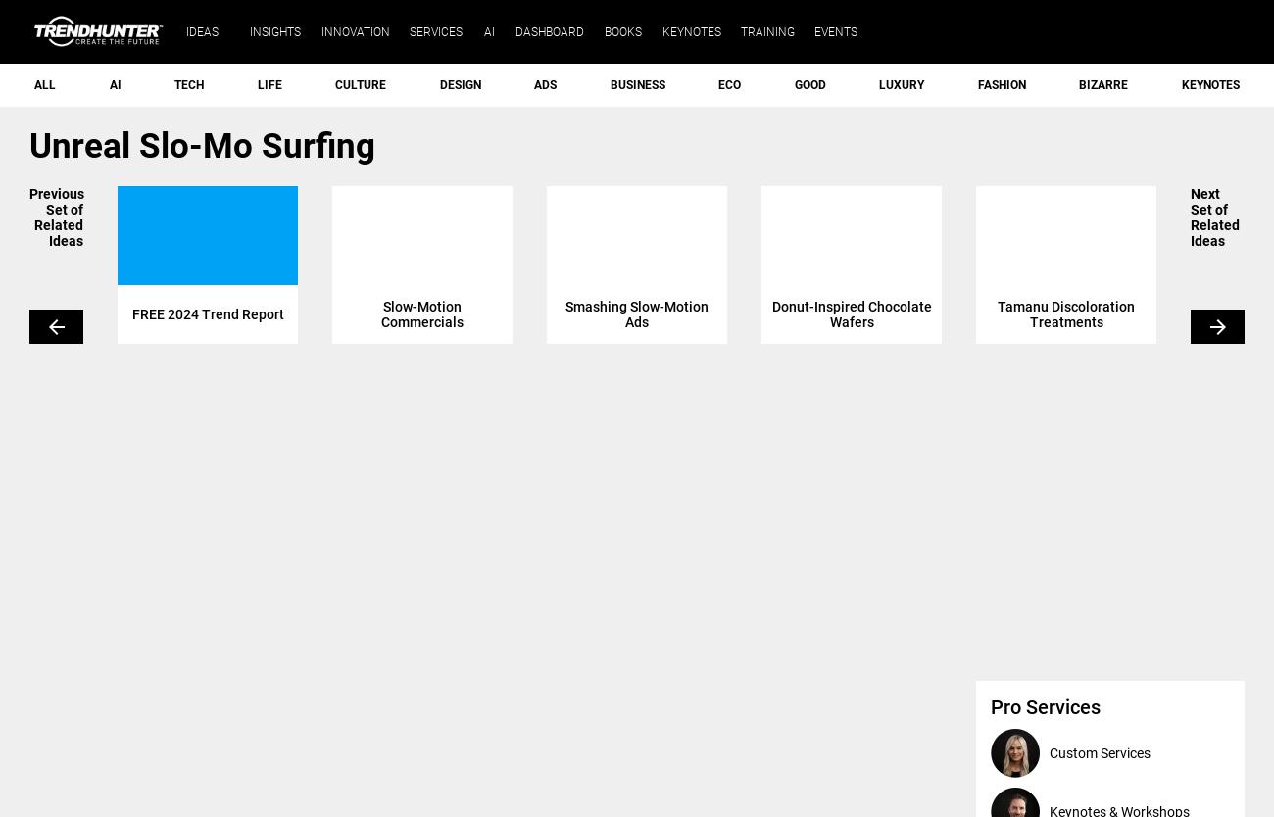 This screenshot has width=1274, height=817. Describe the element at coordinates (1000, 83) in the screenshot. I see `'Fashion'` at that location.